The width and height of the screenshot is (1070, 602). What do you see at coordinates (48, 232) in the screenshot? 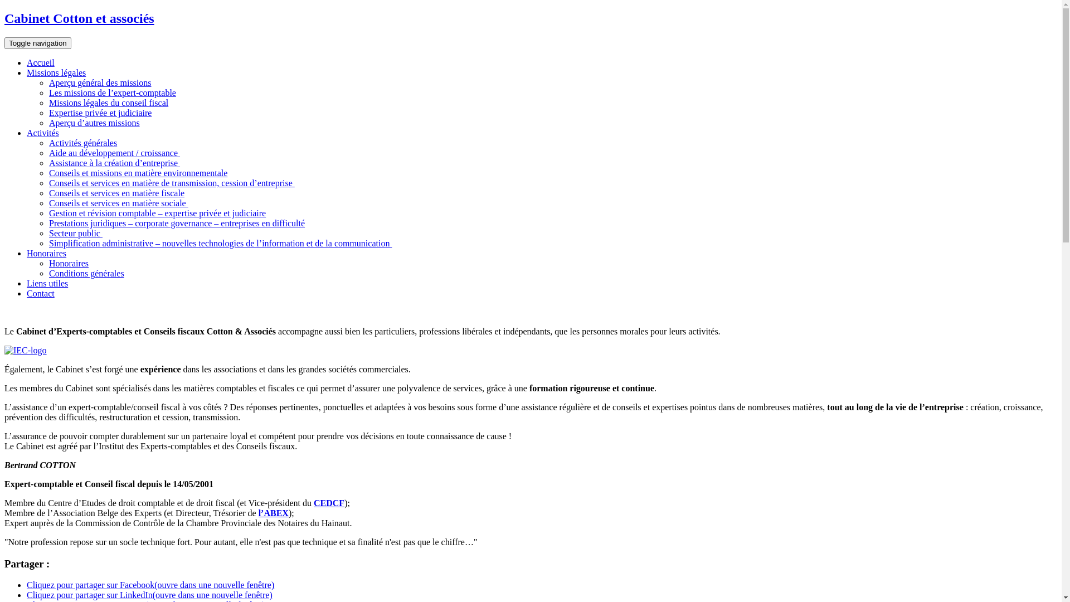
I see `'Secteur public '` at bounding box center [48, 232].